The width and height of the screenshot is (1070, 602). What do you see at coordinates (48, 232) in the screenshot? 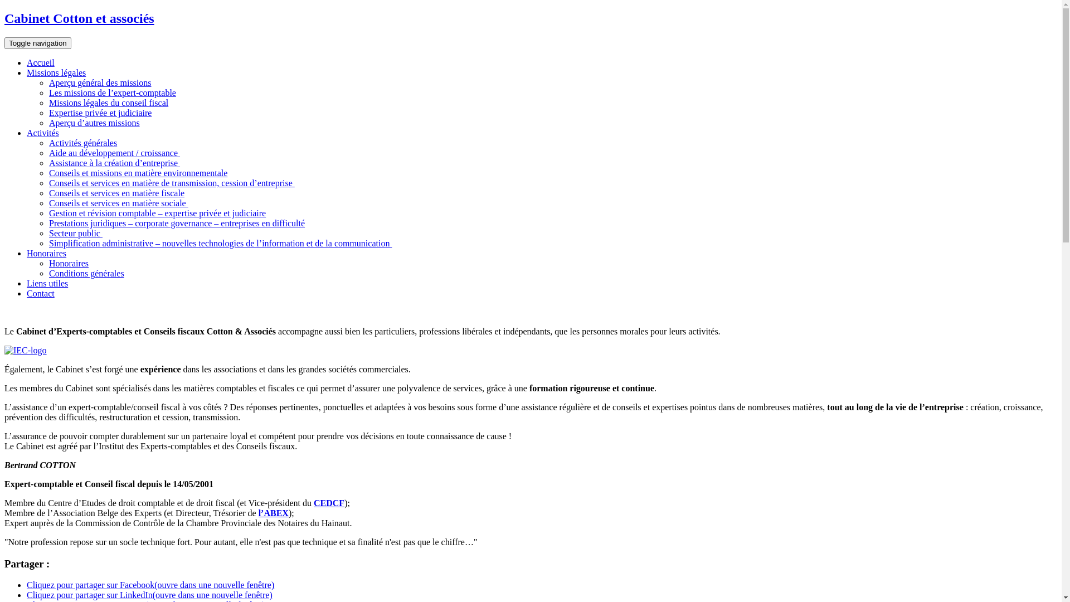
I see `'Secteur public '` at bounding box center [48, 232].